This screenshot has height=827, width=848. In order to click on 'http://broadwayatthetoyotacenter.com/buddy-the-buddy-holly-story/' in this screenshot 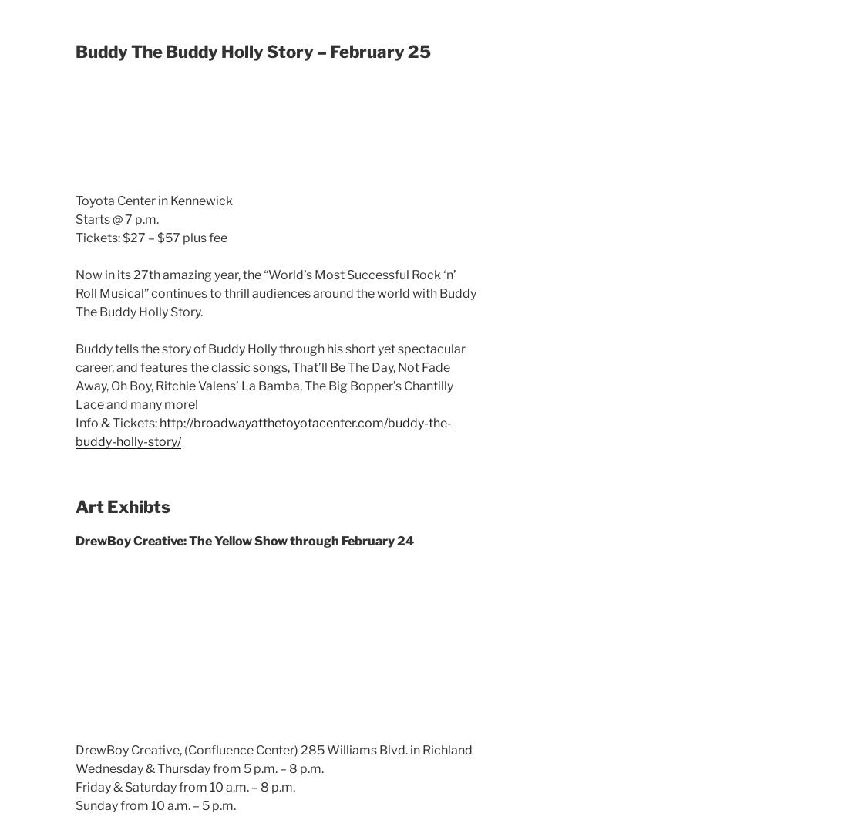, I will do `click(262, 431)`.